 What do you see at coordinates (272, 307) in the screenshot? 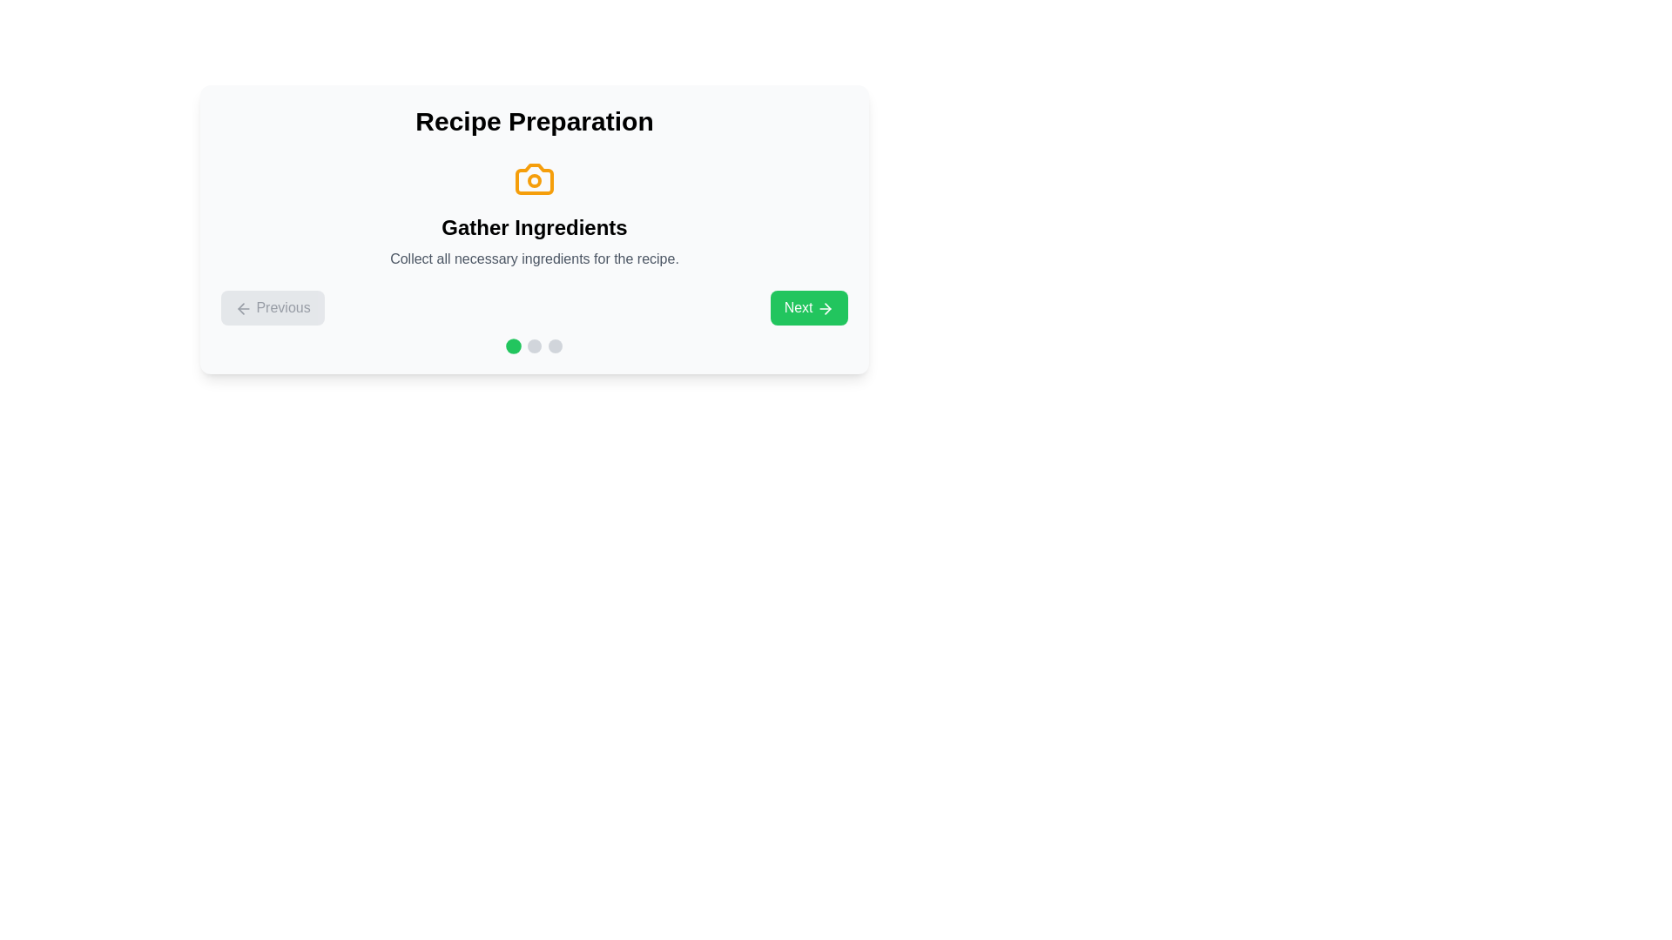
I see `the 'Previous' button, which is a rectangular button with rounded edges, a soft gray background, and a left-pointing arrow icon next to the text 'Previous'` at bounding box center [272, 307].